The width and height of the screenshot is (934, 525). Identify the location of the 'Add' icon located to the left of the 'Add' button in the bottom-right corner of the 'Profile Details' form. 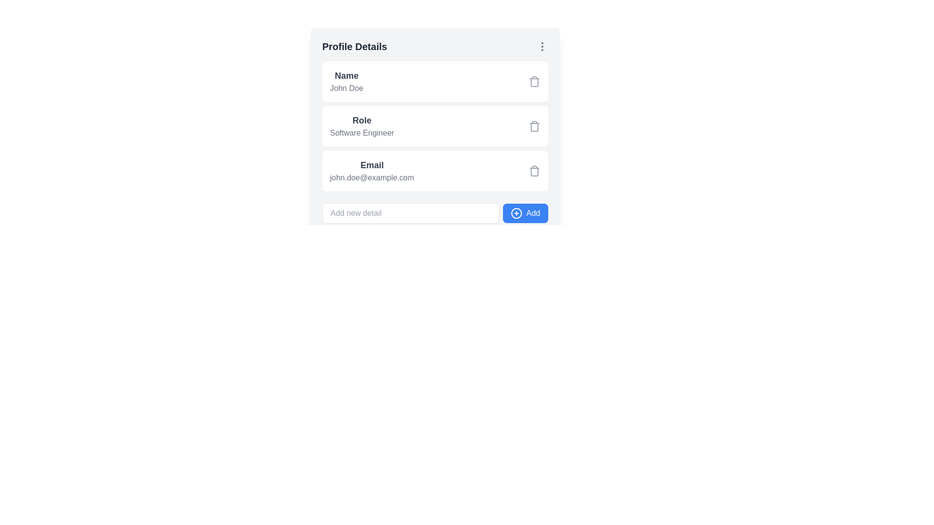
(516, 213).